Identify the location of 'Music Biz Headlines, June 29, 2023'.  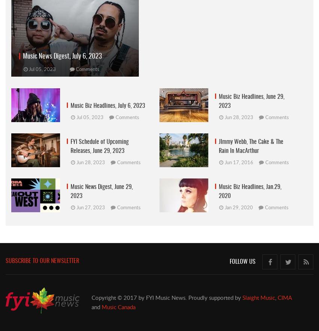
(251, 101).